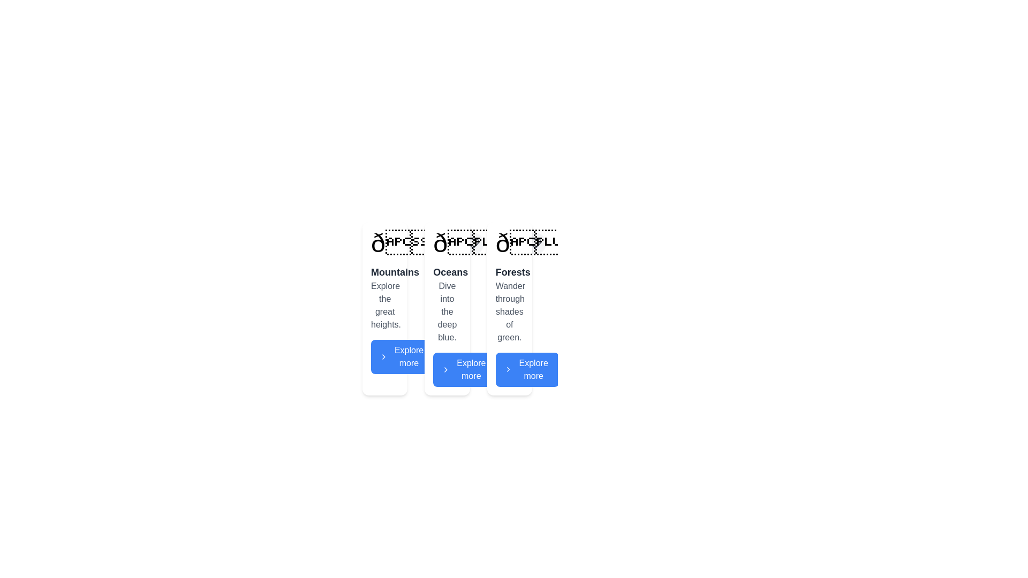  I want to click on the third heading text in the card that indicates content about forests, positioned below an icon and above a descriptive text box, so click(509, 272).